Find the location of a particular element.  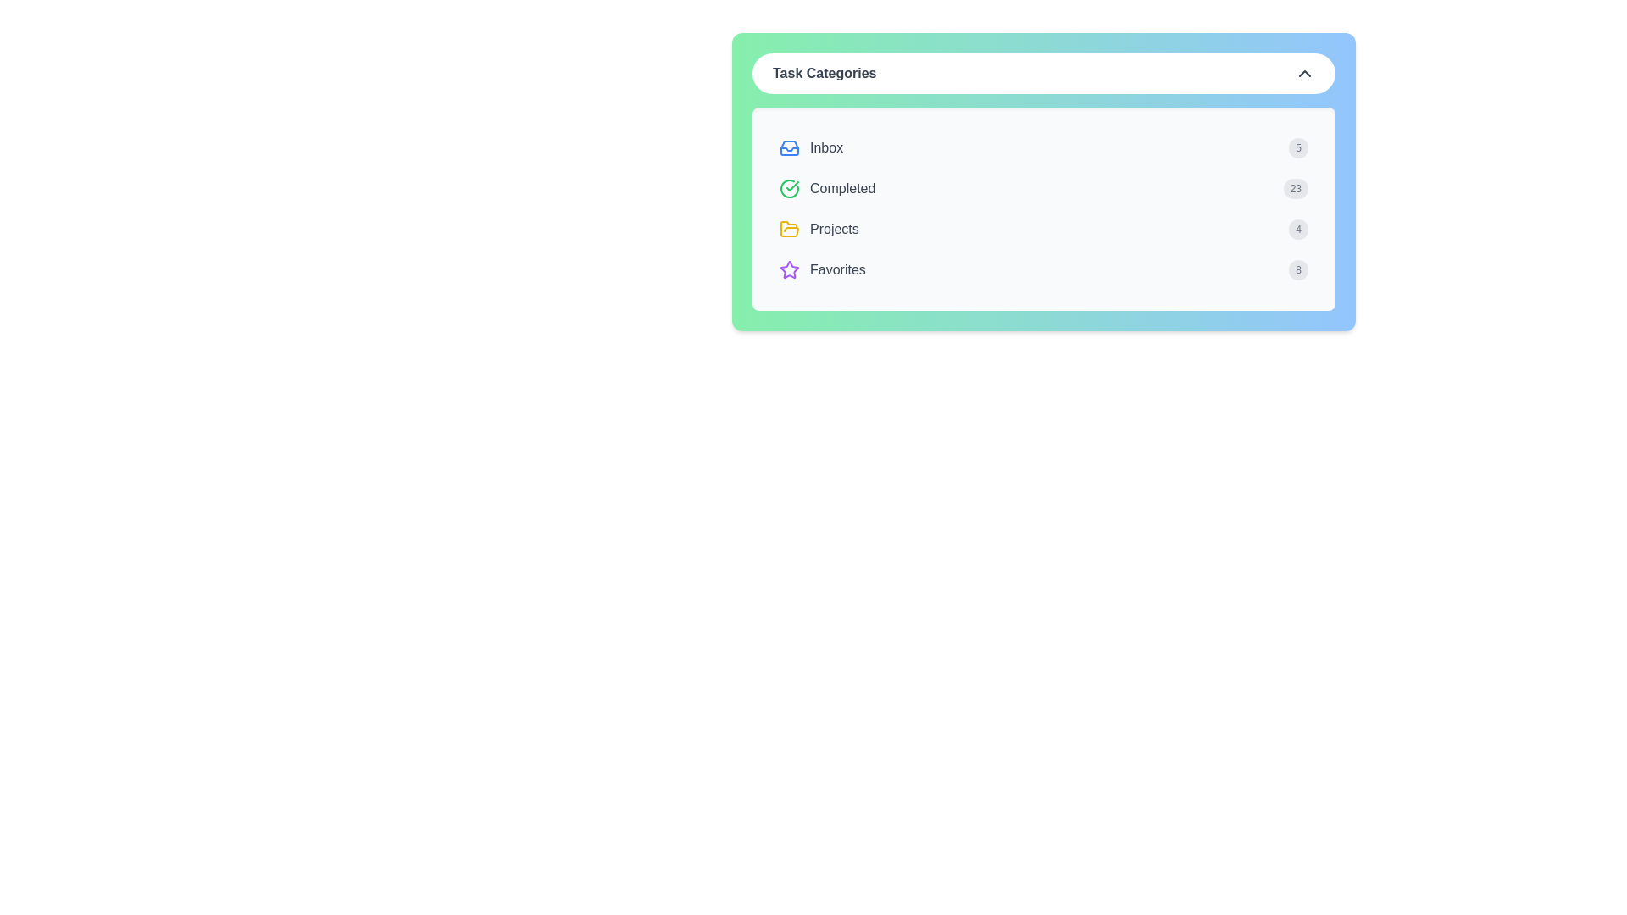

the 'Favorites' icon located in the 'Task Categories' pane, which indicates the importance of favorite items is located at coordinates (788, 269).